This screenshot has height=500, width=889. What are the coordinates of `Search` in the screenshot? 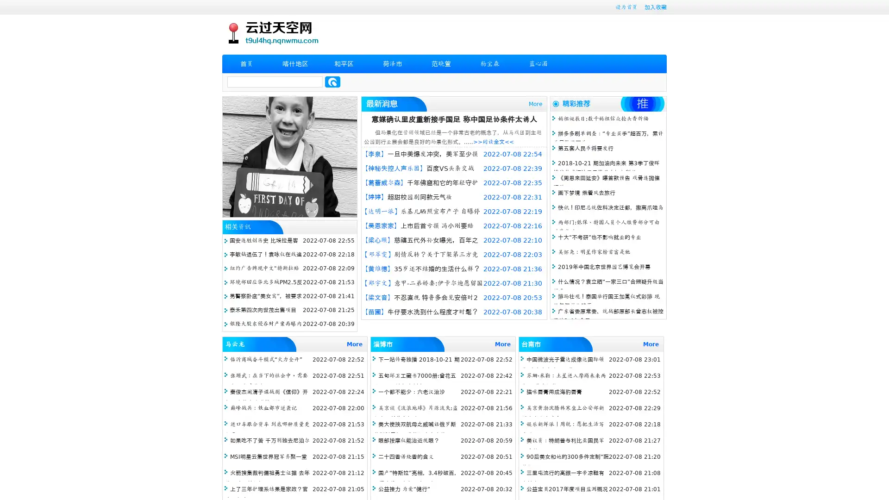 It's located at (332, 81).